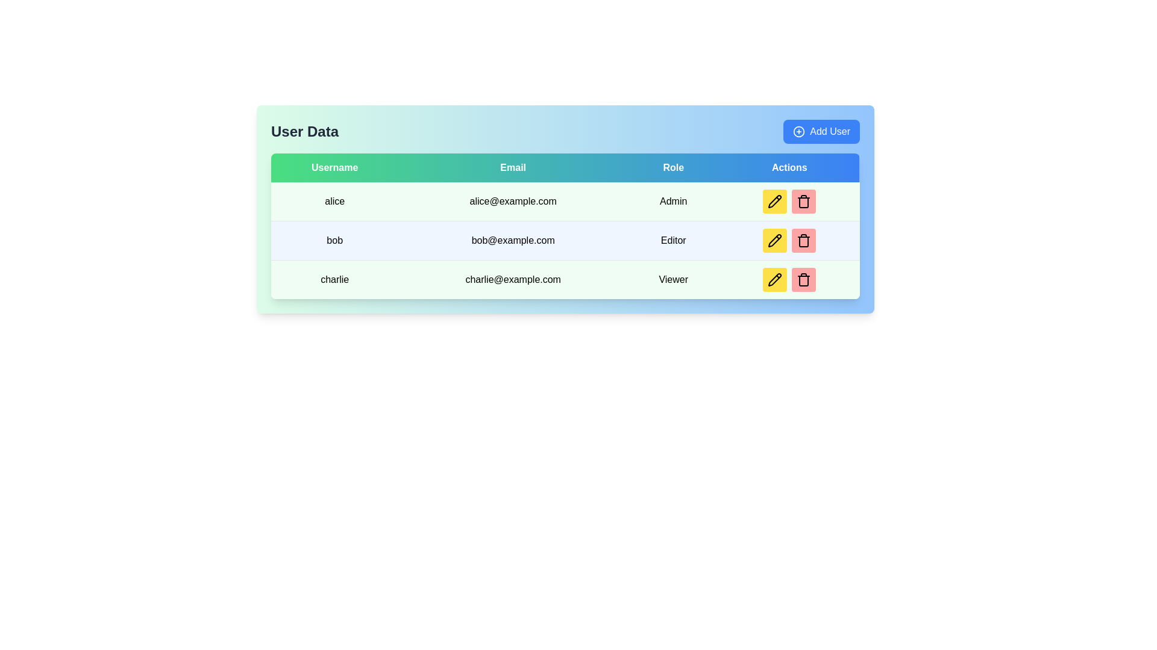  I want to click on the Table header cell labeled 'Email', which is visually characterized by white text centered on a gradient background transitioning from green to blue, so click(513, 167).